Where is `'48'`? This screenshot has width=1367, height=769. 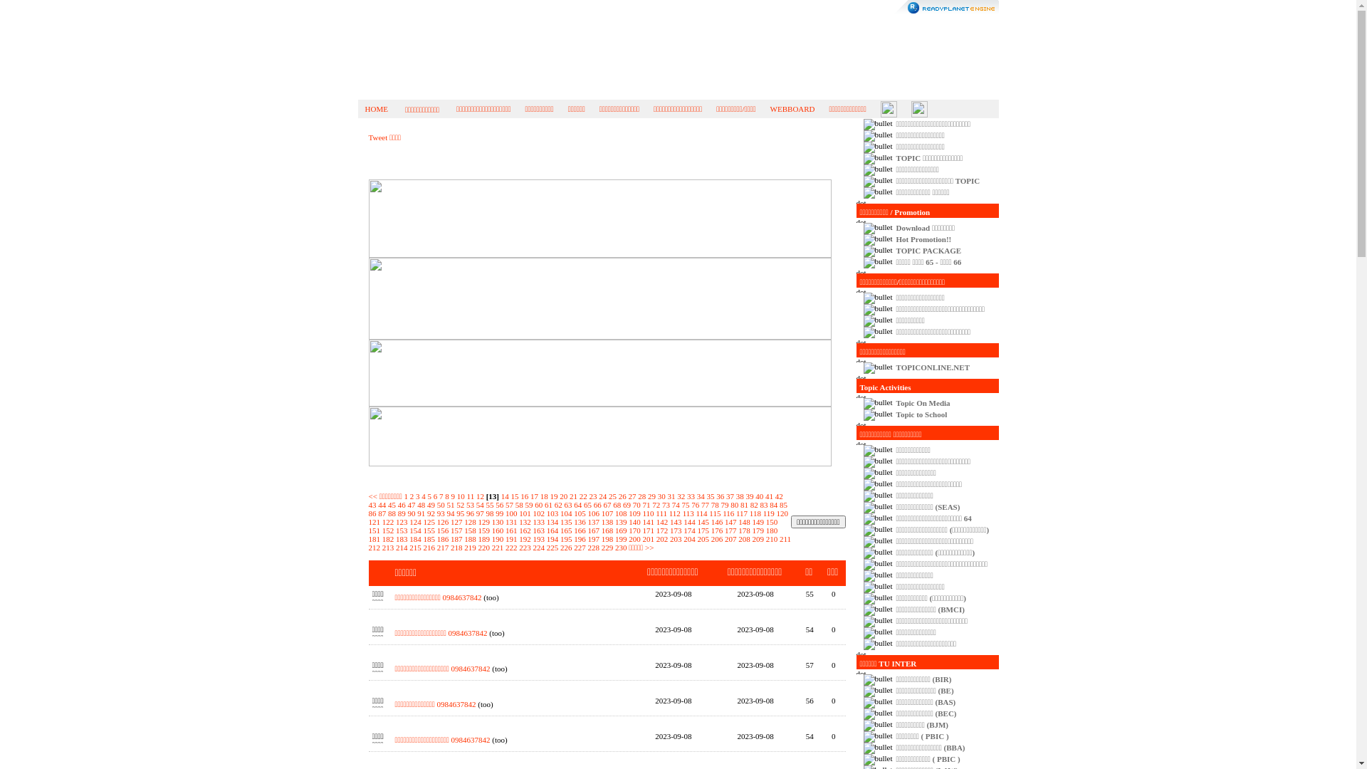 '48' is located at coordinates (420, 504).